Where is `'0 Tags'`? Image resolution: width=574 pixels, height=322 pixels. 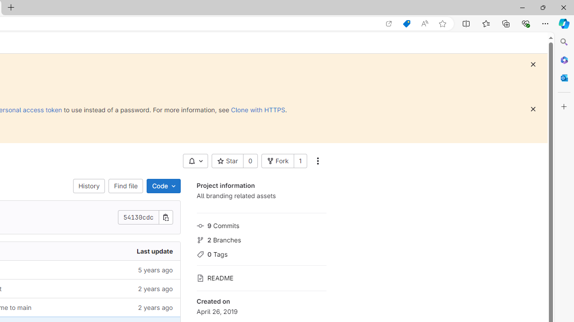
'0 Tags' is located at coordinates (261, 254).